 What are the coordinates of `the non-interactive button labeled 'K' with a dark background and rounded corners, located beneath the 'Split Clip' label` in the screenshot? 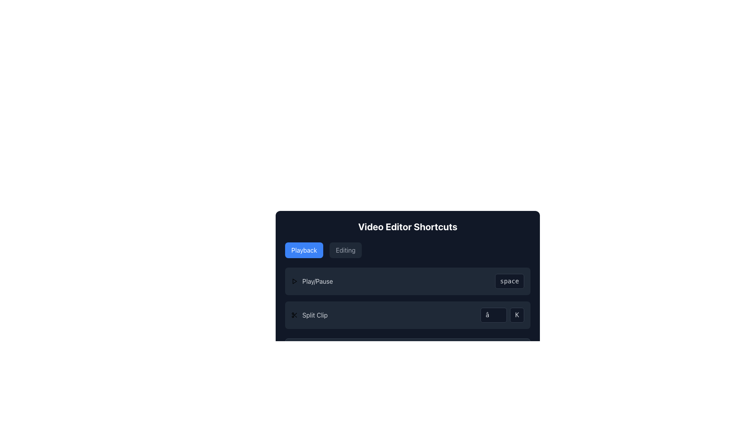 It's located at (517, 315).